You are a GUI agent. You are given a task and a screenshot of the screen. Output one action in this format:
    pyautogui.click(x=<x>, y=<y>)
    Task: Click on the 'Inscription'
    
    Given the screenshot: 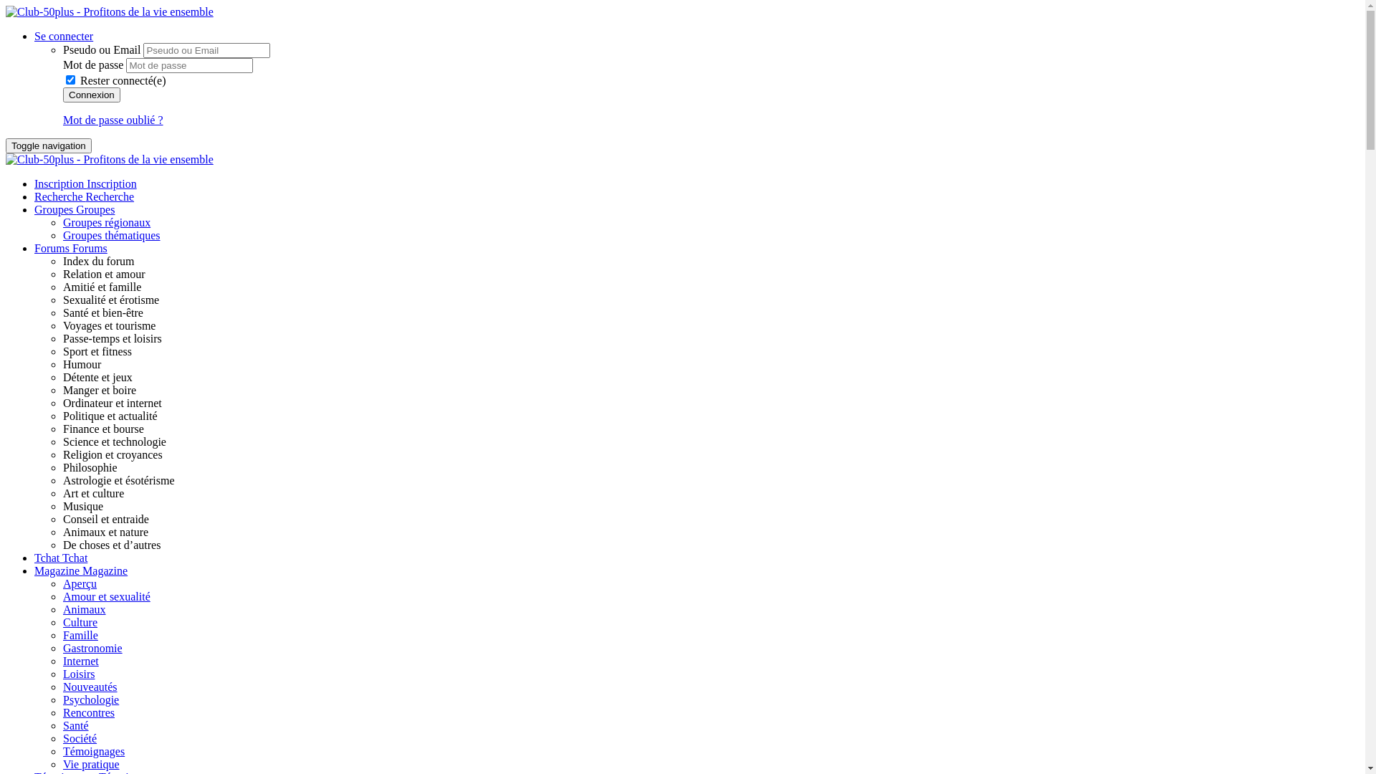 What is the action you would take?
    pyautogui.click(x=34, y=183)
    